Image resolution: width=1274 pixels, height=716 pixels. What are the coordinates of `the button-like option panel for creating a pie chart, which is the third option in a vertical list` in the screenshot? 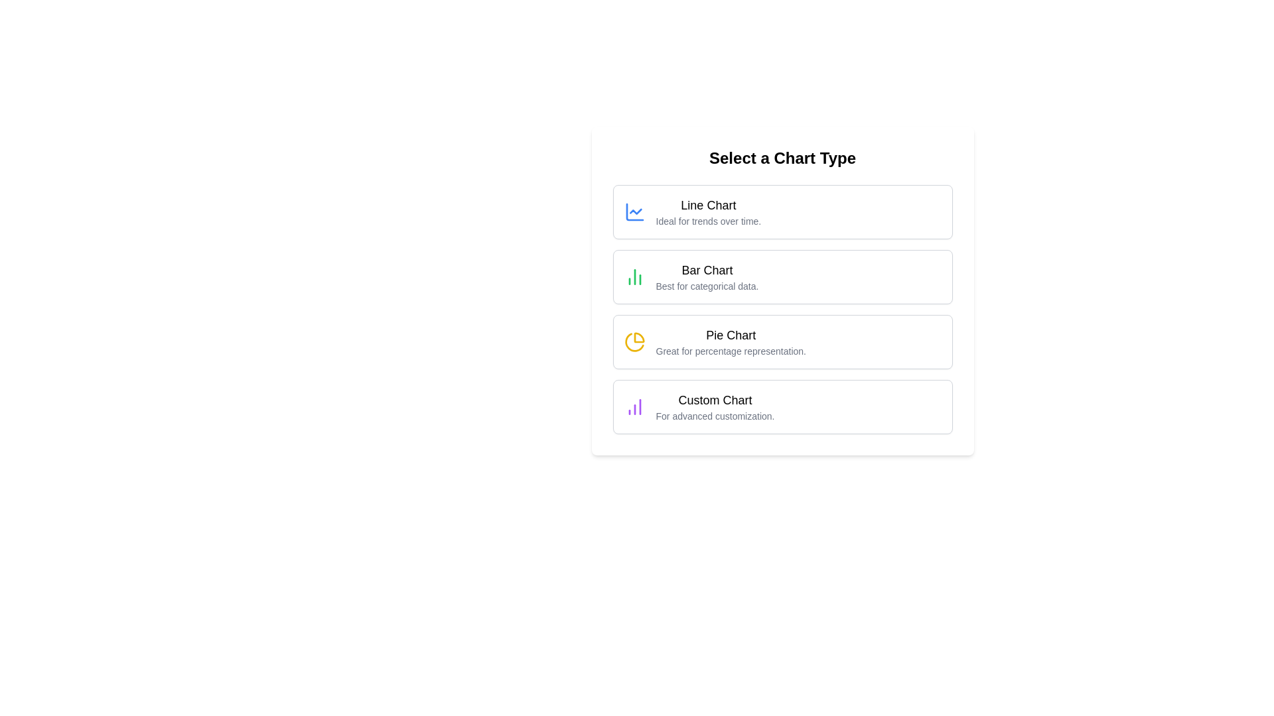 It's located at (782, 341).